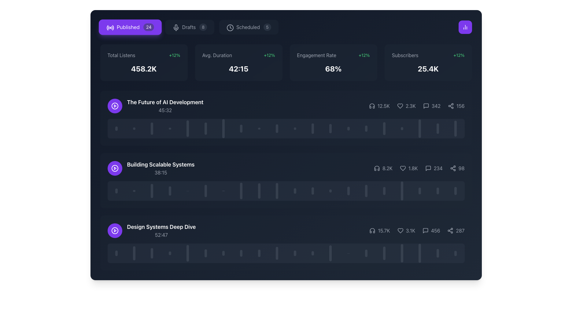 The width and height of the screenshot is (587, 330). What do you see at coordinates (348, 190) in the screenshot?
I see `the 14th vertical bar in a horizontal group of 20 bars in the second row of the interface` at bounding box center [348, 190].